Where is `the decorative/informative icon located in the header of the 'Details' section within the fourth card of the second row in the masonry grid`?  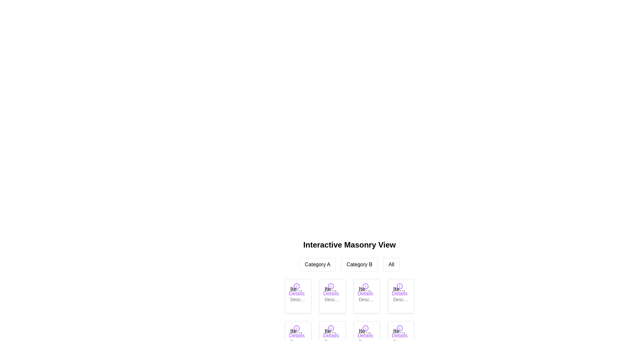 the decorative/informative icon located in the header of the 'Details' section within the fourth card of the second row in the masonry grid is located at coordinates (399, 286).